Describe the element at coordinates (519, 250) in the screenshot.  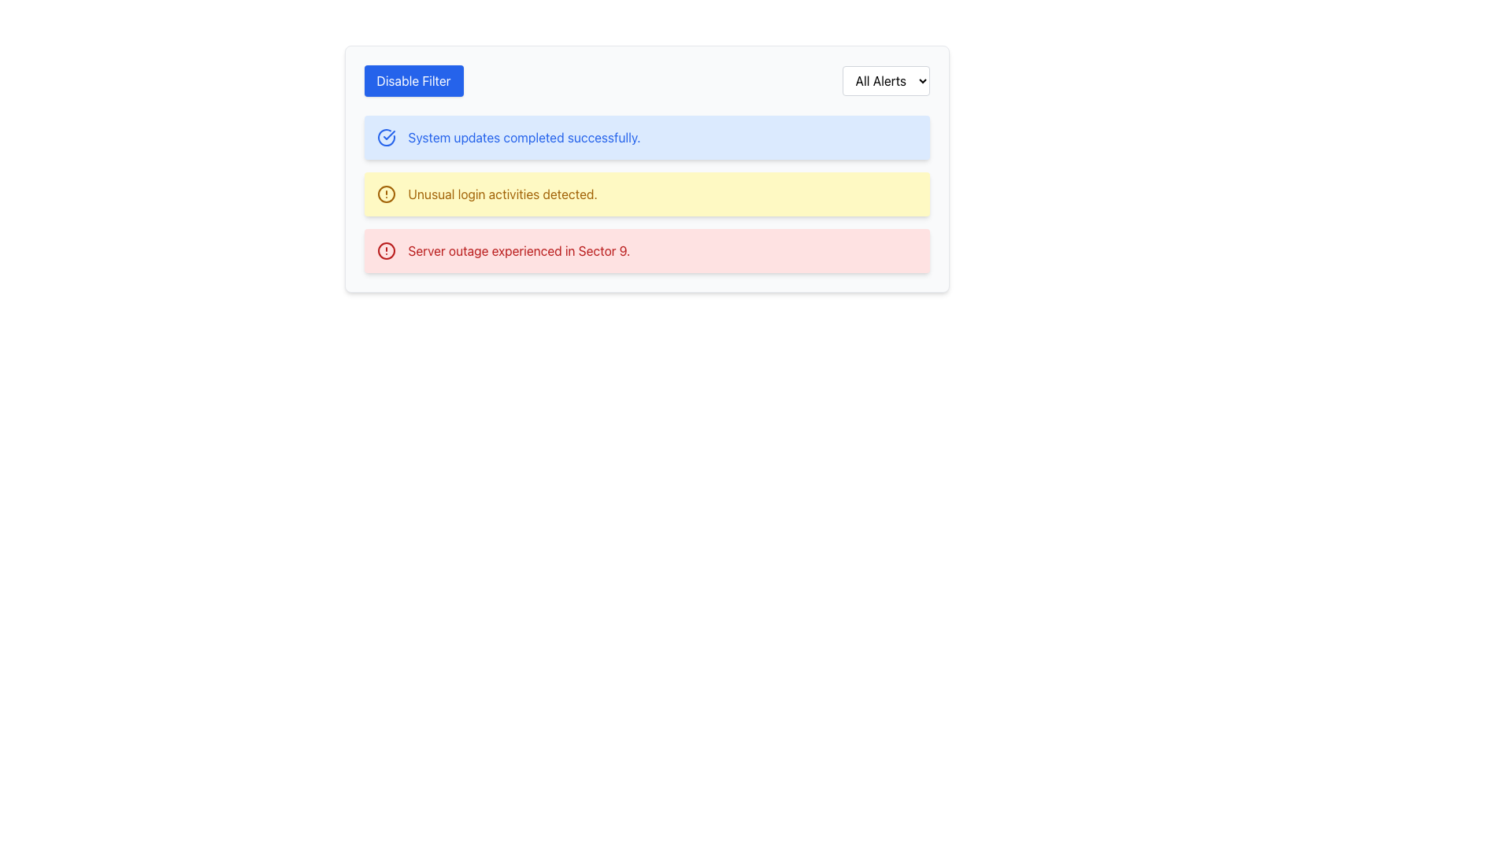
I see `alert text 'Server outage experienced in Sector 9.' located in the third alert box at the bottom of the notifications list with red font on a pink background` at that location.